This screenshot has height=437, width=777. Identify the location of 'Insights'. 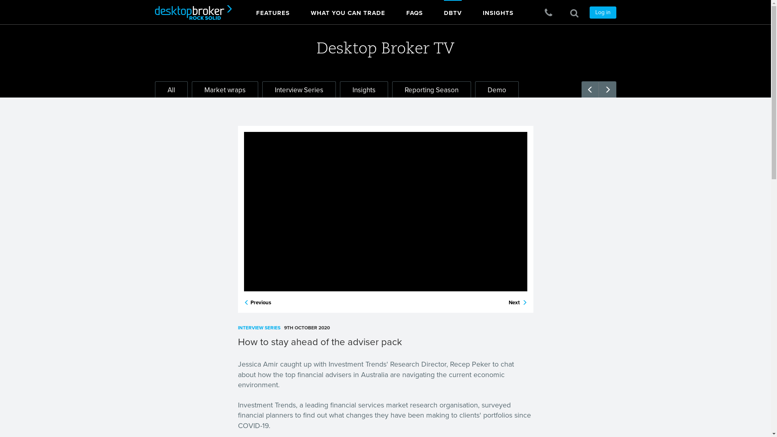
(363, 89).